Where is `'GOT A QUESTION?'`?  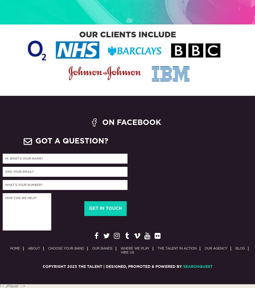 'GOT A QUESTION?' is located at coordinates (35, 141).